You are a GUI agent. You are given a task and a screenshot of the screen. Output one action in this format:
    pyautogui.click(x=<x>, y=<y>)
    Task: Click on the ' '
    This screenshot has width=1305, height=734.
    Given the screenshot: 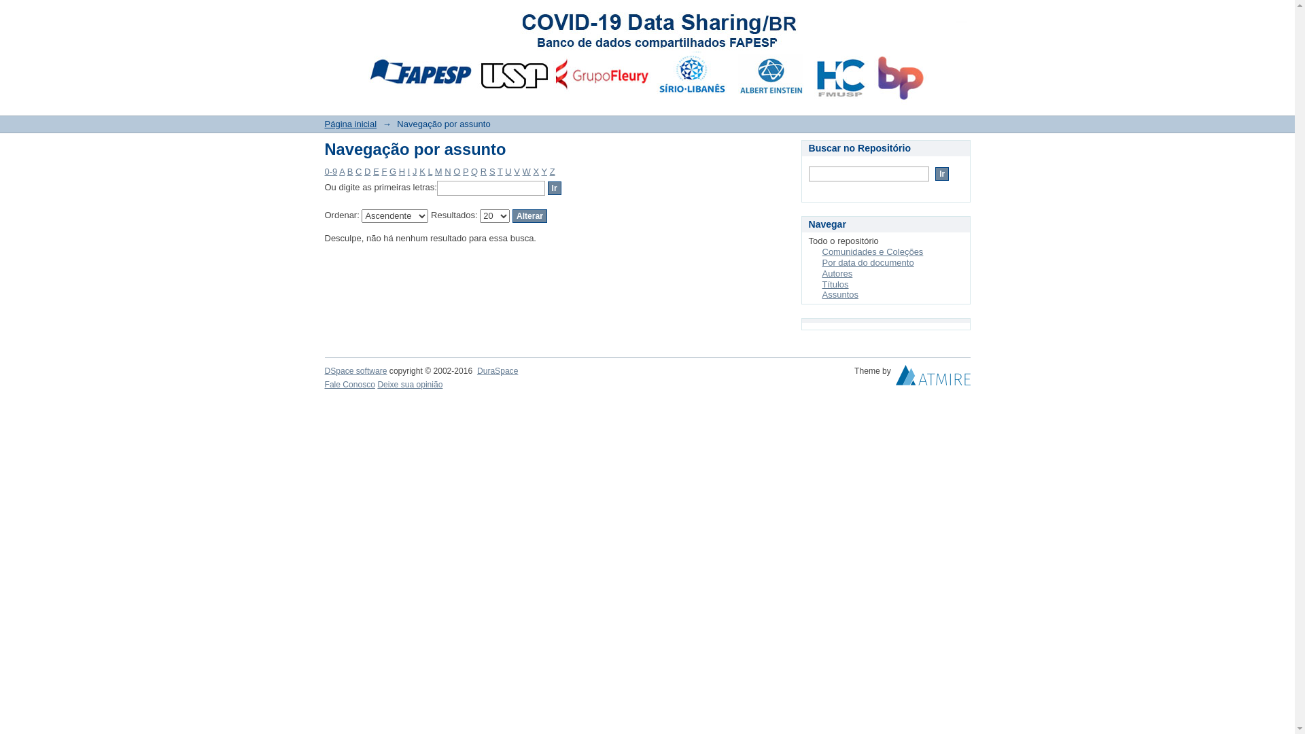 What is the action you would take?
    pyautogui.click(x=896, y=378)
    